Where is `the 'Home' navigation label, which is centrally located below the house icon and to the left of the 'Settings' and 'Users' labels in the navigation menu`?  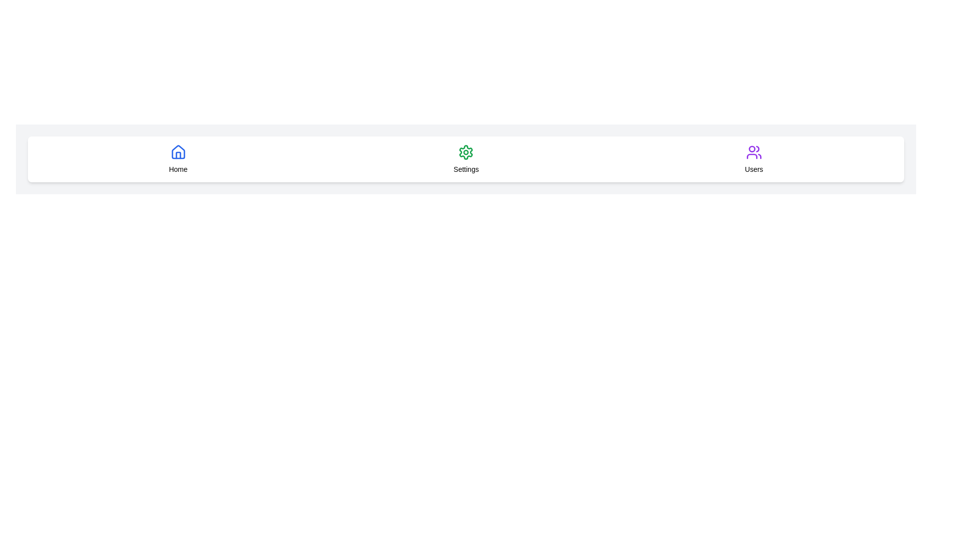
the 'Home' navigation label, which is centrally located below the house icon and to the left of the 'Settings' and 'Users' labels in the navigation menu is located at coordinates (178, 168).